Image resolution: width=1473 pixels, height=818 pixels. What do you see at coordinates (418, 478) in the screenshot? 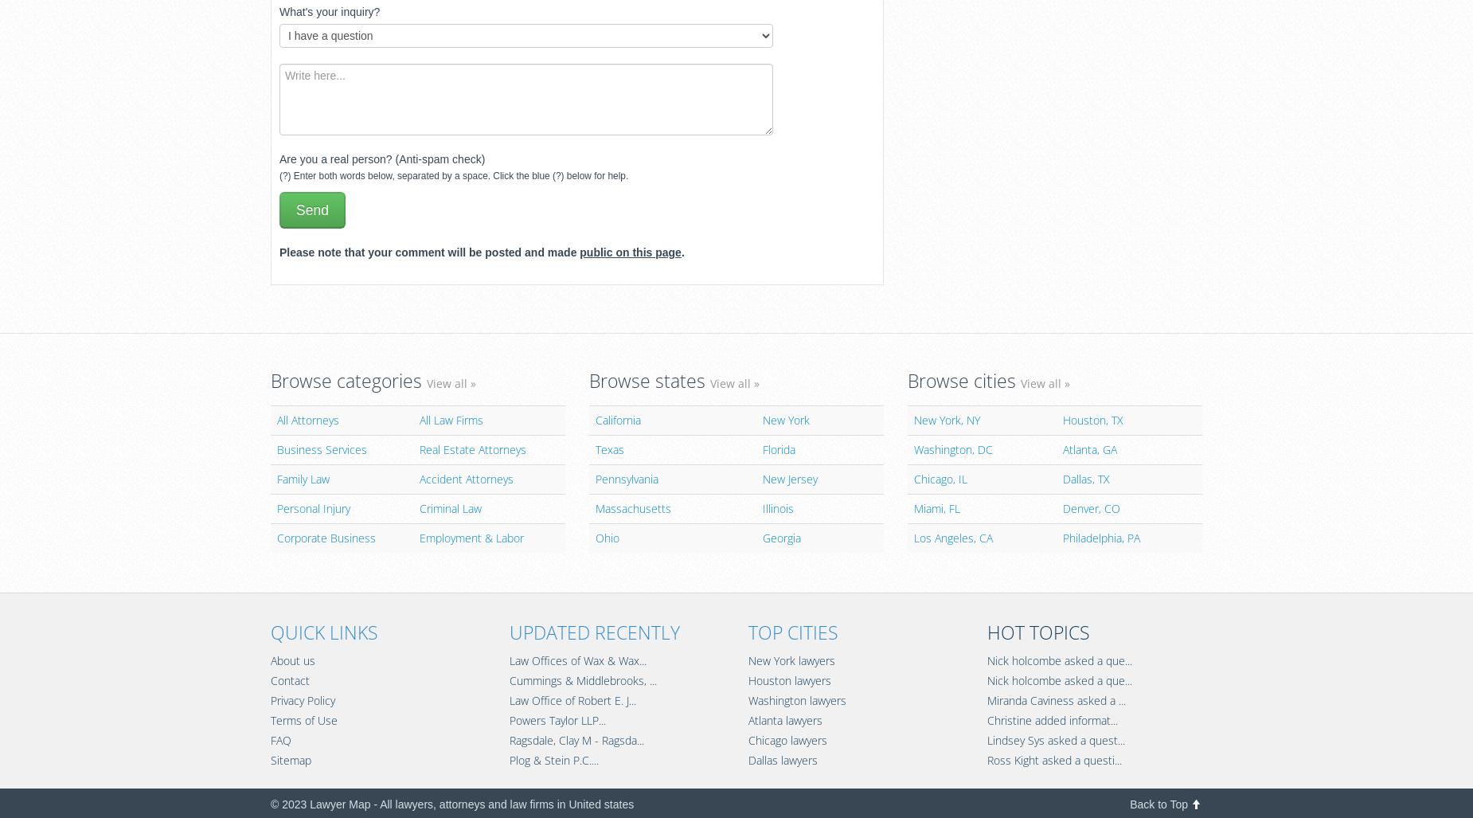
I see `'Accident Attorneys'` at bounding box center [418, 478].